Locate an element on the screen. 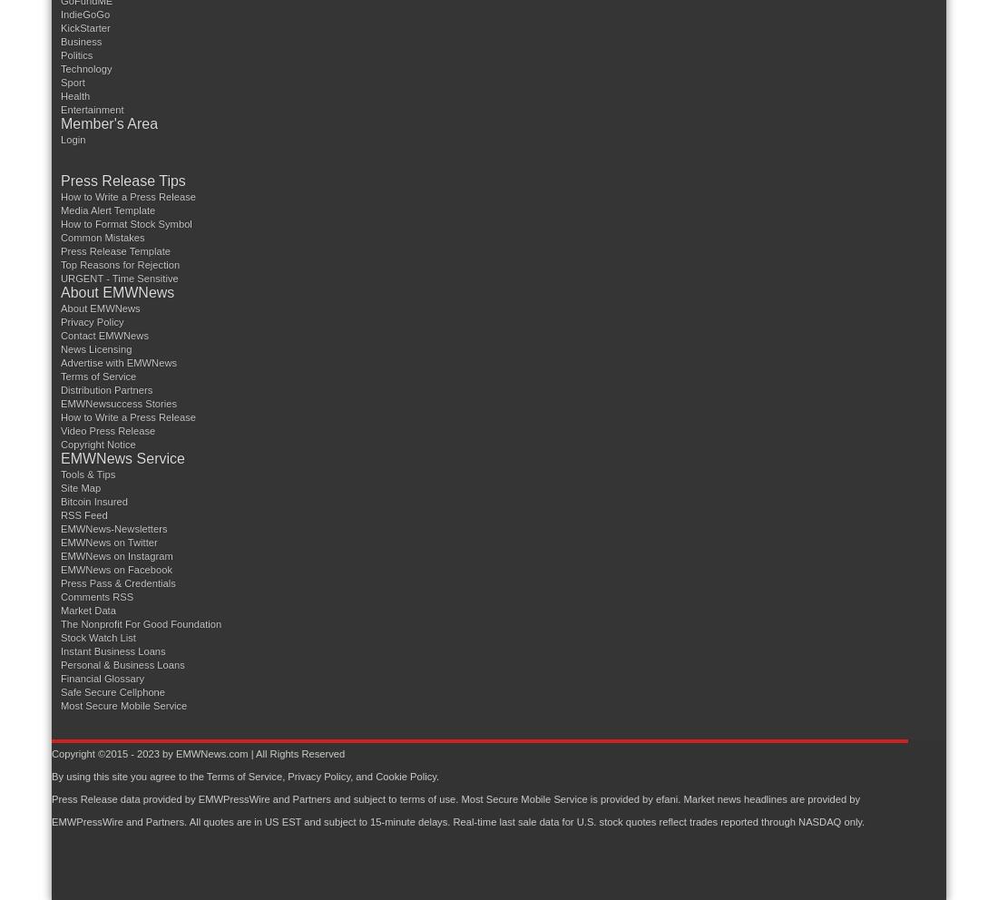  'Most Secure Mobile Service' is located at coordinates (460, 798).